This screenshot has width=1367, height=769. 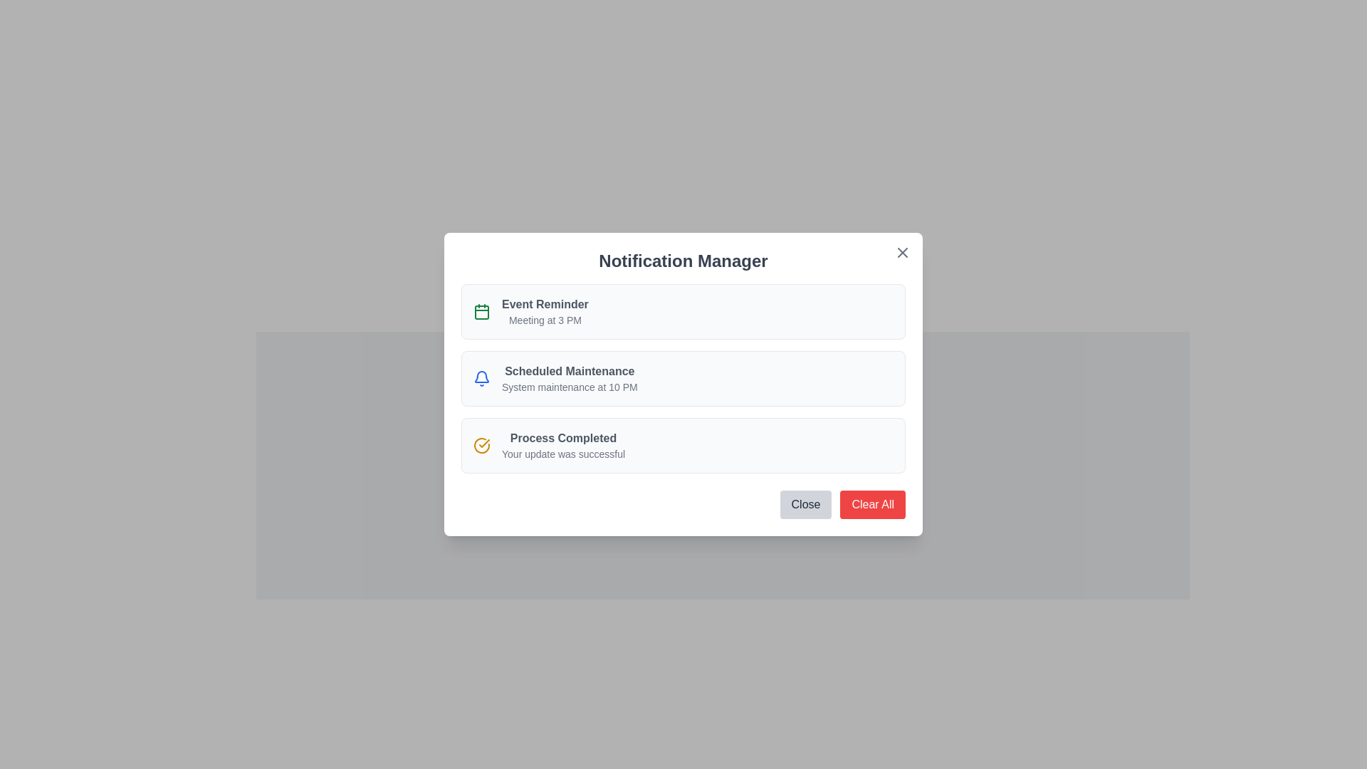 What do you see at coordinates (544, 320) in the screenshot?
I see `the text label displaying 'Meeting at 3 PM' which is styled in a smaller, lighter gray font and positioned below the bold 'Event Reminder' text in the Notification Manager modal` at bounding box center [544, 320].